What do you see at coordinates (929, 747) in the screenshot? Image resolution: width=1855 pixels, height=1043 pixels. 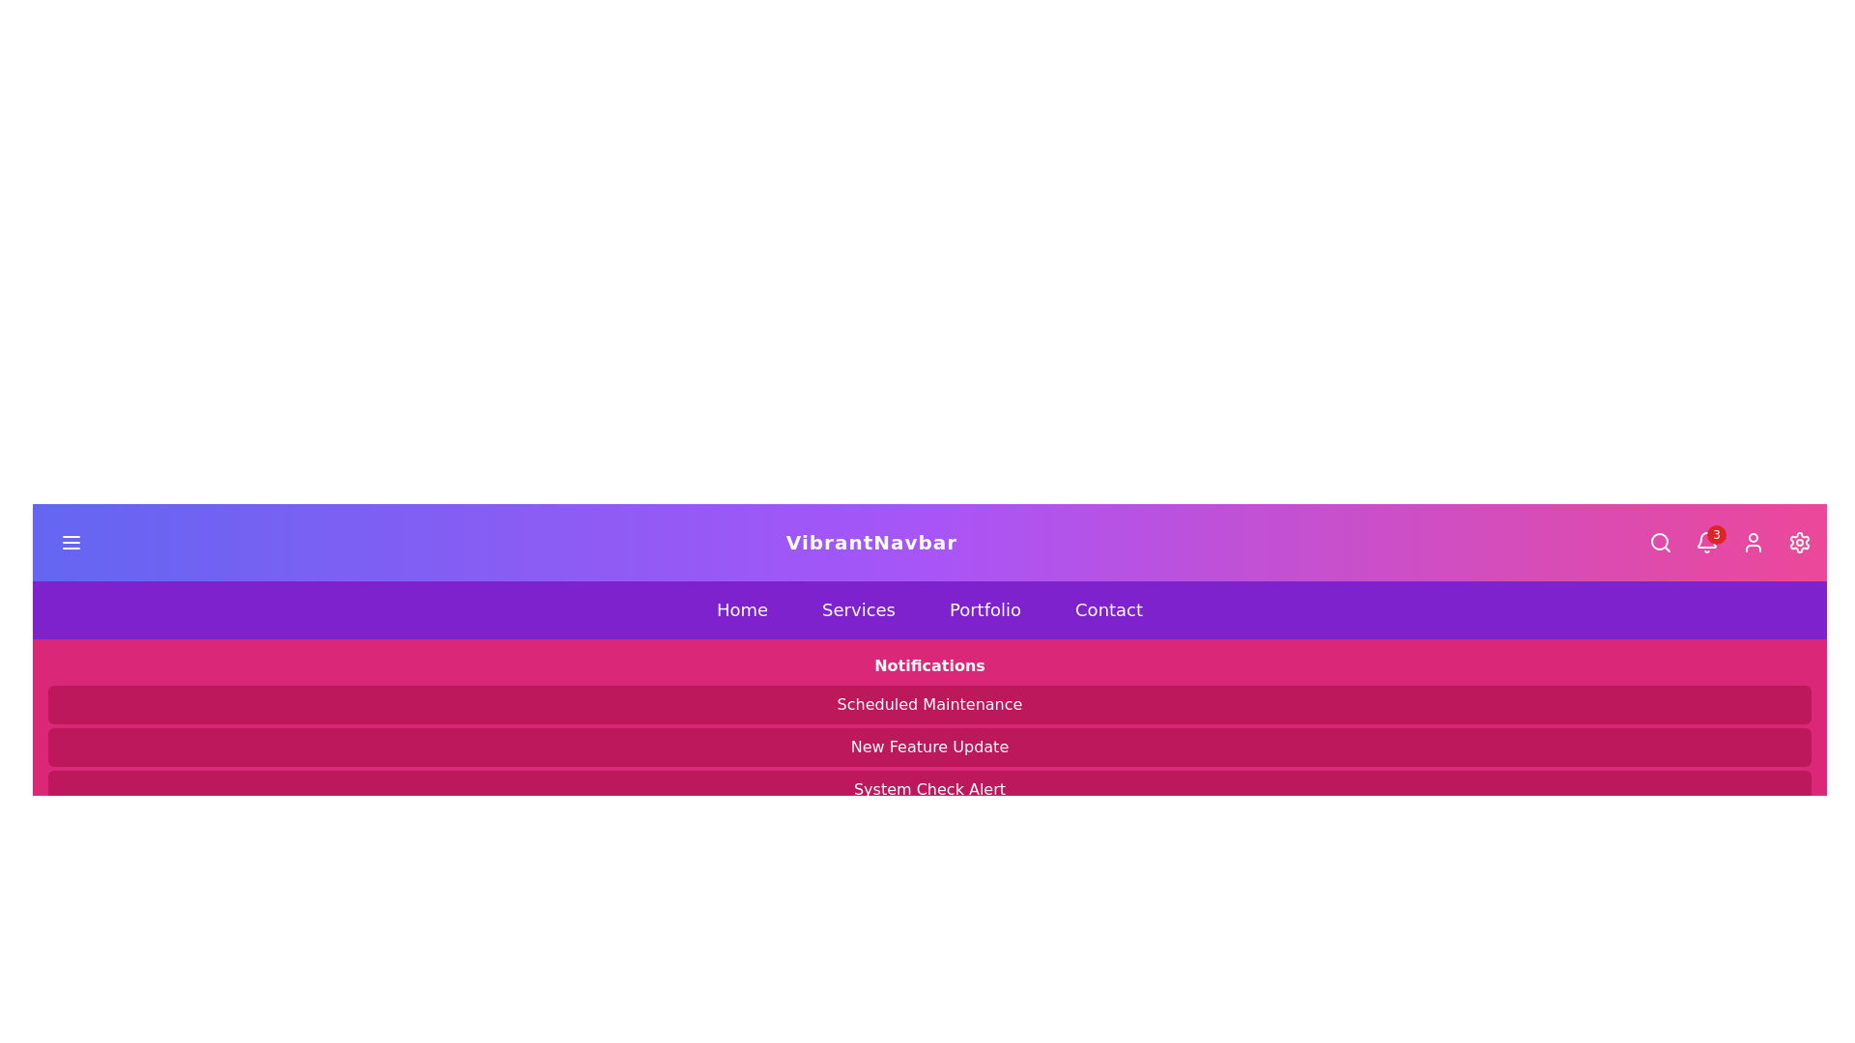 I see `the text label or notification banner with a pink background displaying 'New Feature Update', located under the 'Notifications' heading and between 'Scheduled Maintenance' and 'System Check Alert'` at bounding box center [929, 747].